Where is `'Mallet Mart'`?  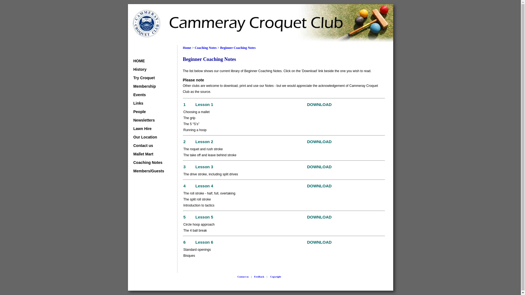 'Mallet Mart' is located at coordinates (149, 154).